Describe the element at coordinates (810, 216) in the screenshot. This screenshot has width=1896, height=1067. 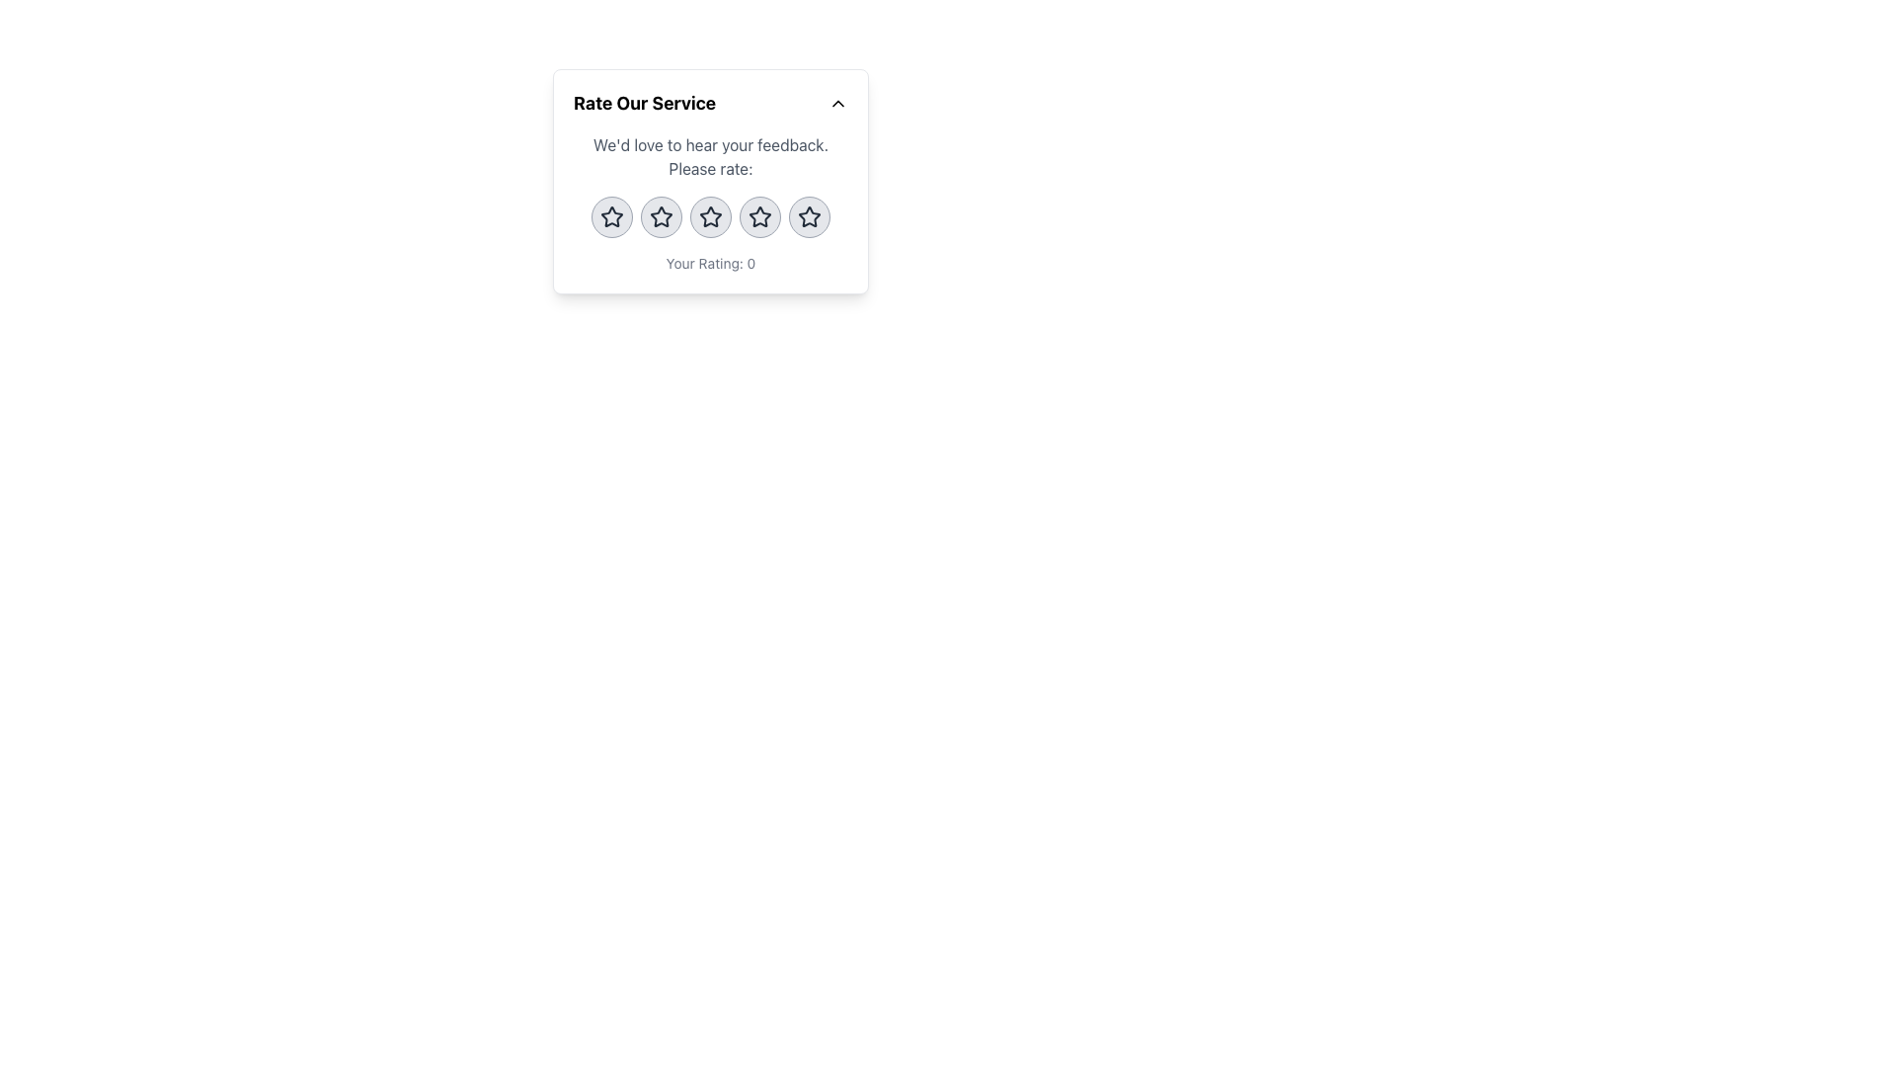
I see `the fifth star icon` at that location.